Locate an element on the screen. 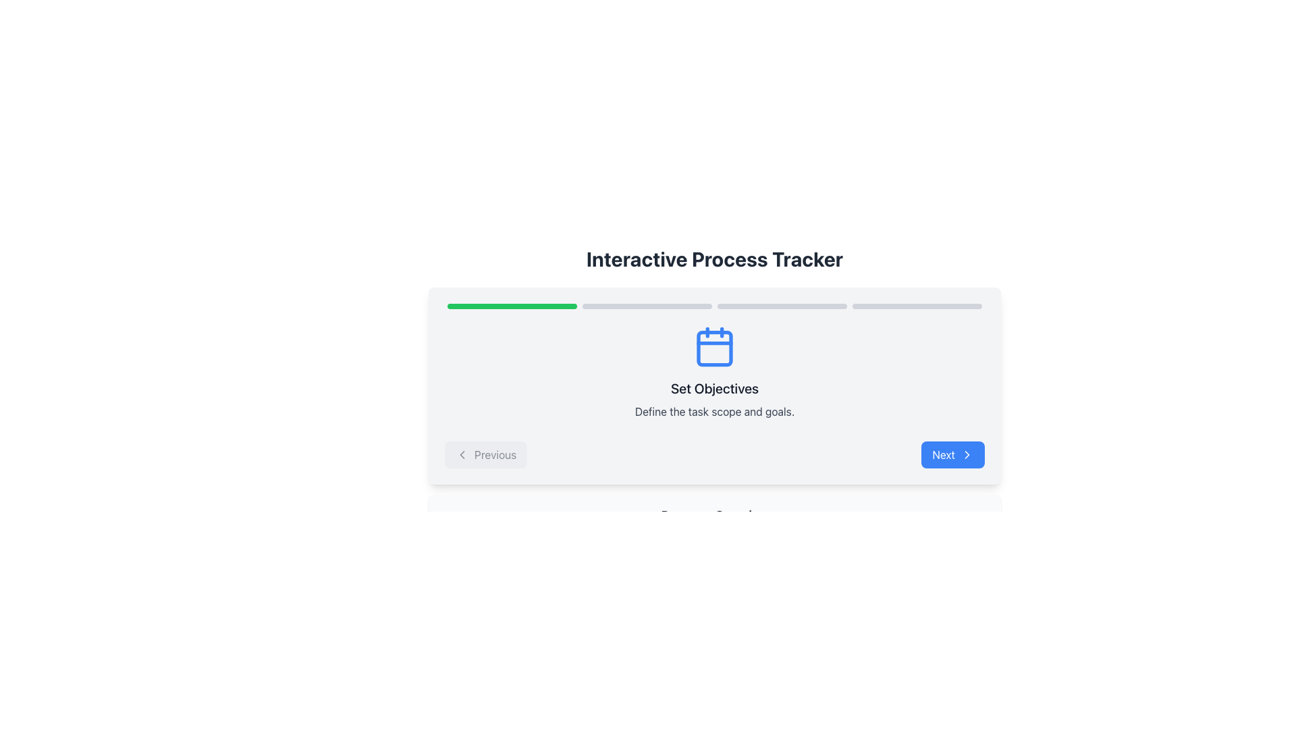  the central part of the calendar icon, which visually represents the calendar's body and is located beneath the hooks is located at coordinates (714, 348).